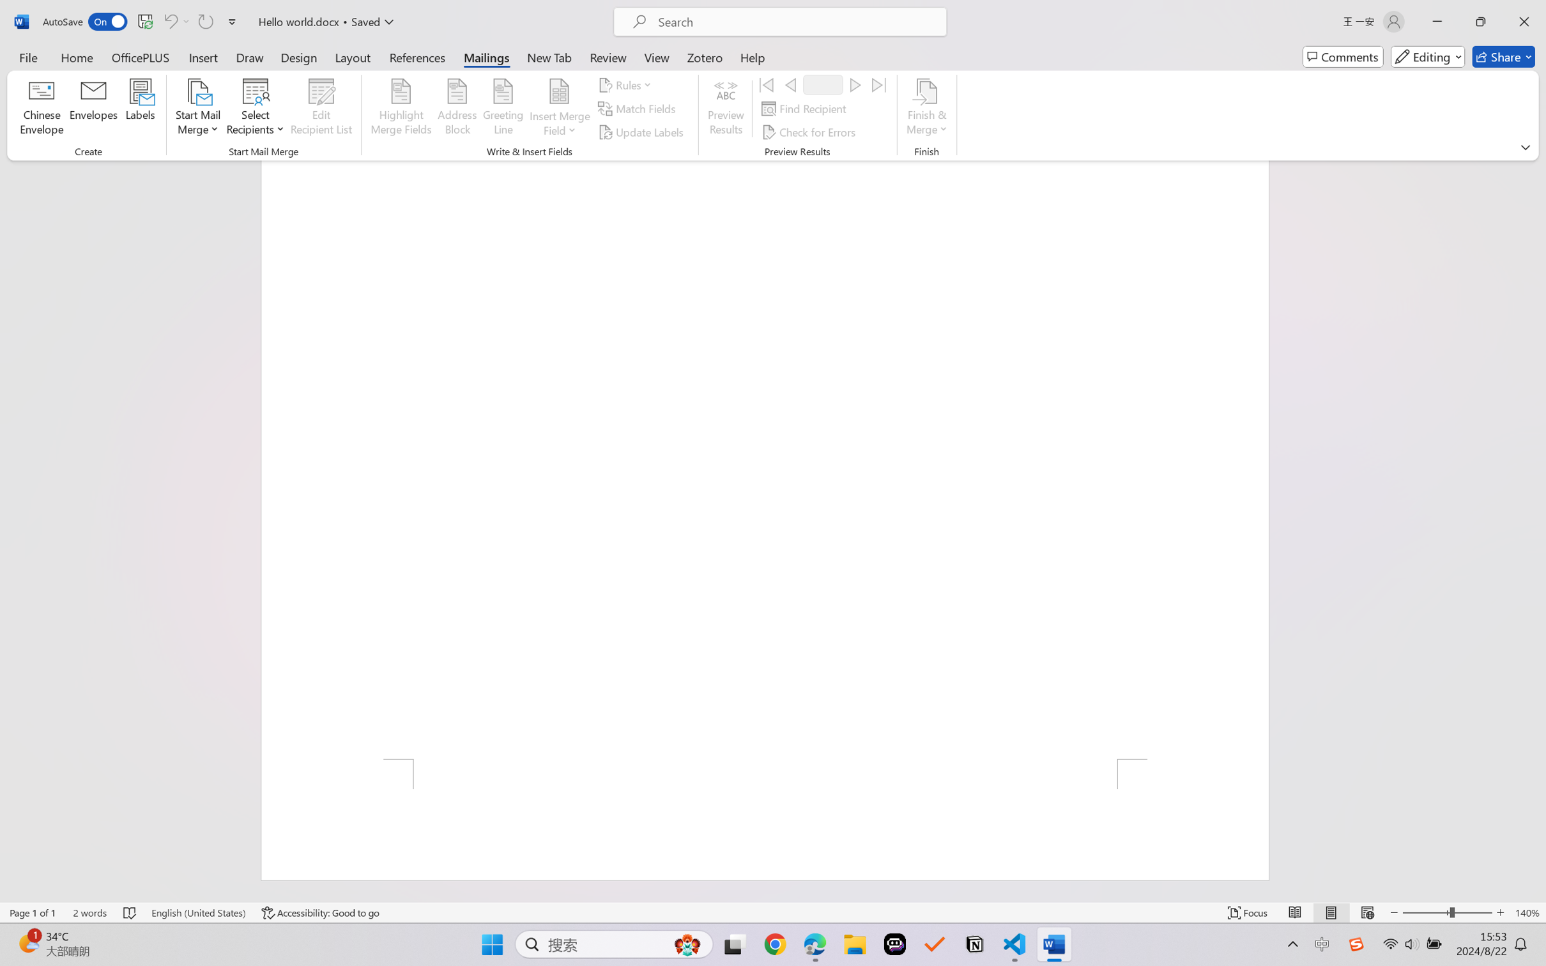 Image resolution: width=1546 pixels, height=966 pixels. Describe the element at coordinates (351, 56) in the screenshot. I see `'Layout'` at that location.